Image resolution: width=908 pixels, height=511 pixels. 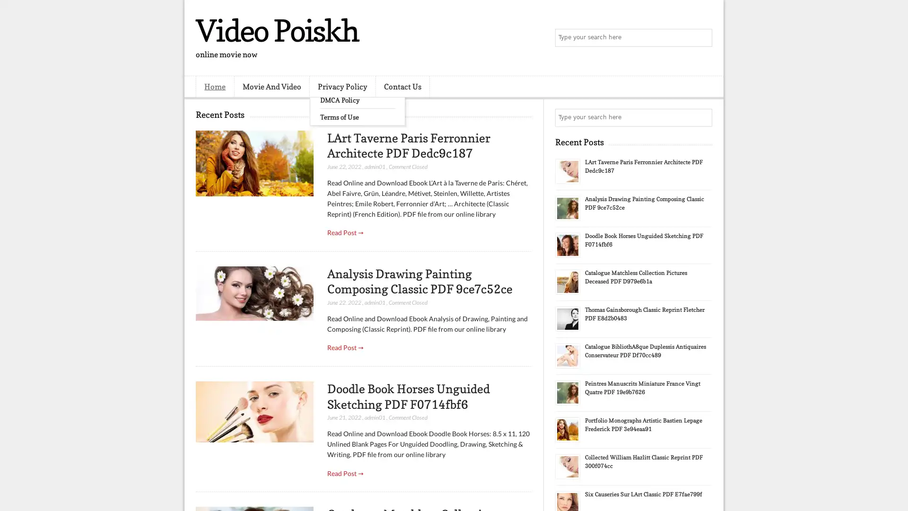 I want to click on Search, so click(x=702, y=38).